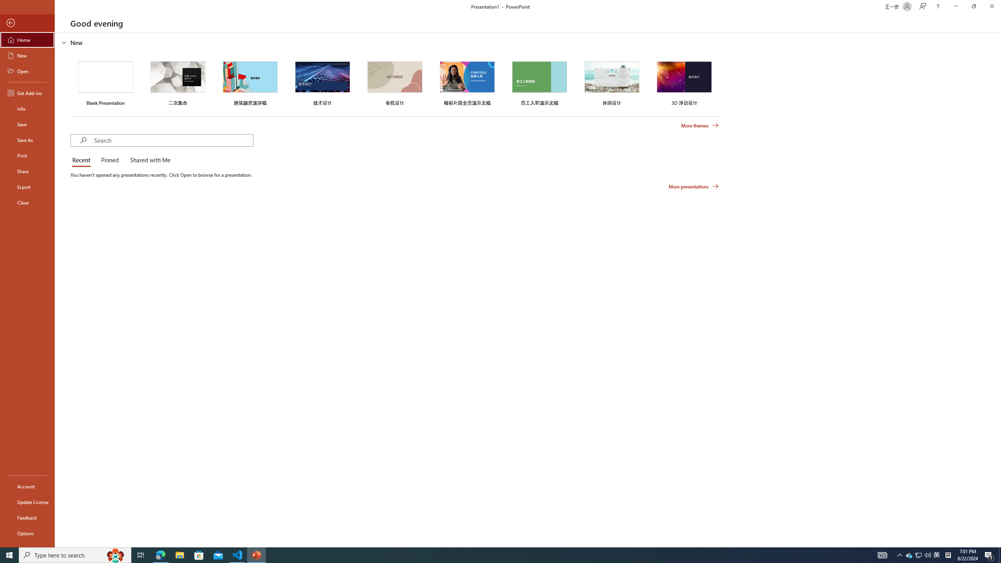  What do you see at coordinates (700, 126) in the screenshot?
I see `'More themes'` at bounding box center [700, 126].